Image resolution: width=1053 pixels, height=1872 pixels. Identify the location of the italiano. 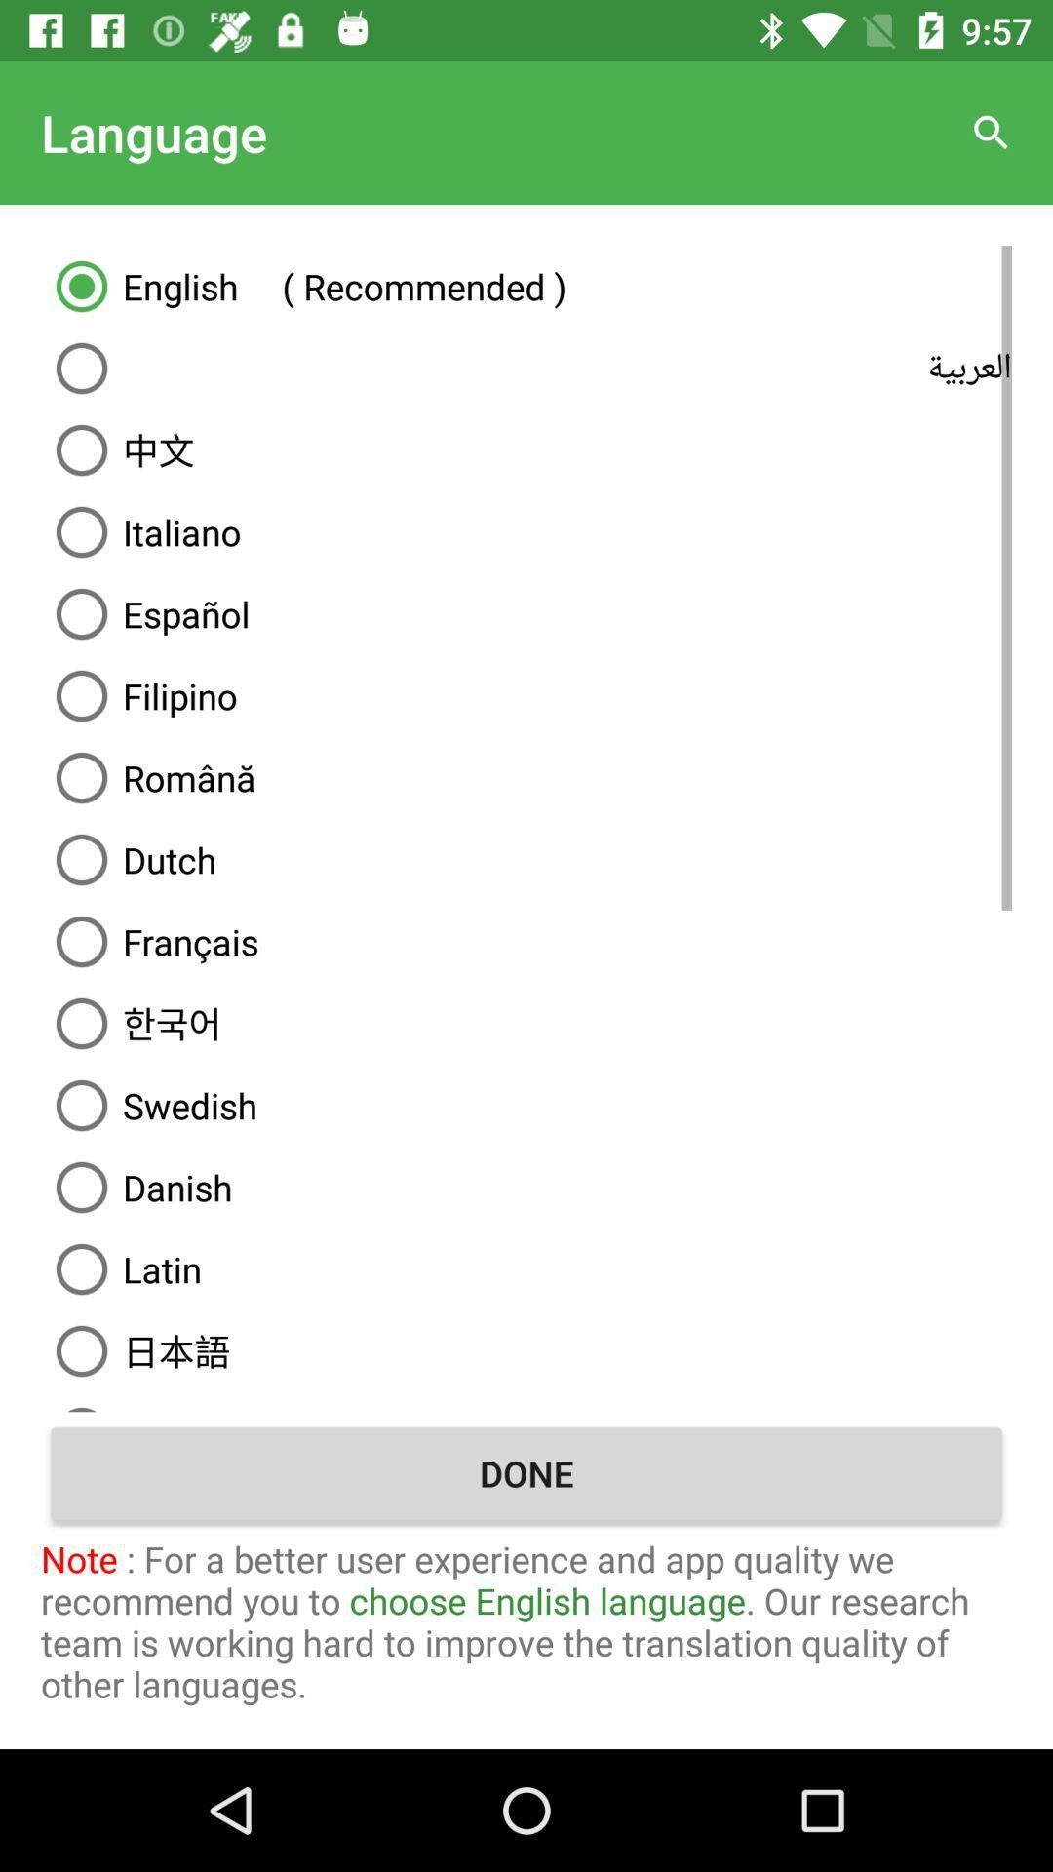
(526, 532).